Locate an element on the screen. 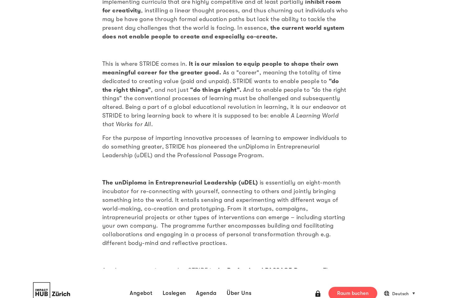  '... und lass dich vom Impact Hub Vibe inspirieren!' is located at coordinates (101, 188).